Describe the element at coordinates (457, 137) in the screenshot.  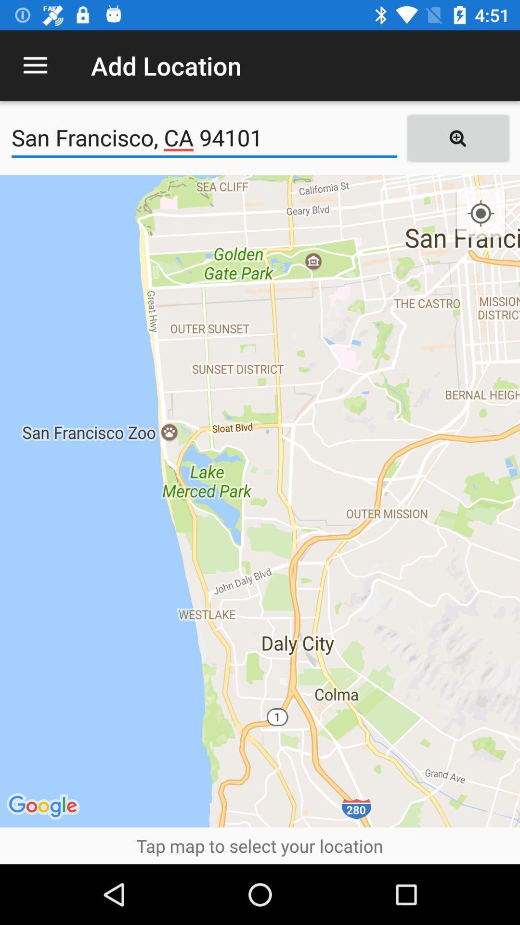
I see `icon next to san francisco ca item` at that location.